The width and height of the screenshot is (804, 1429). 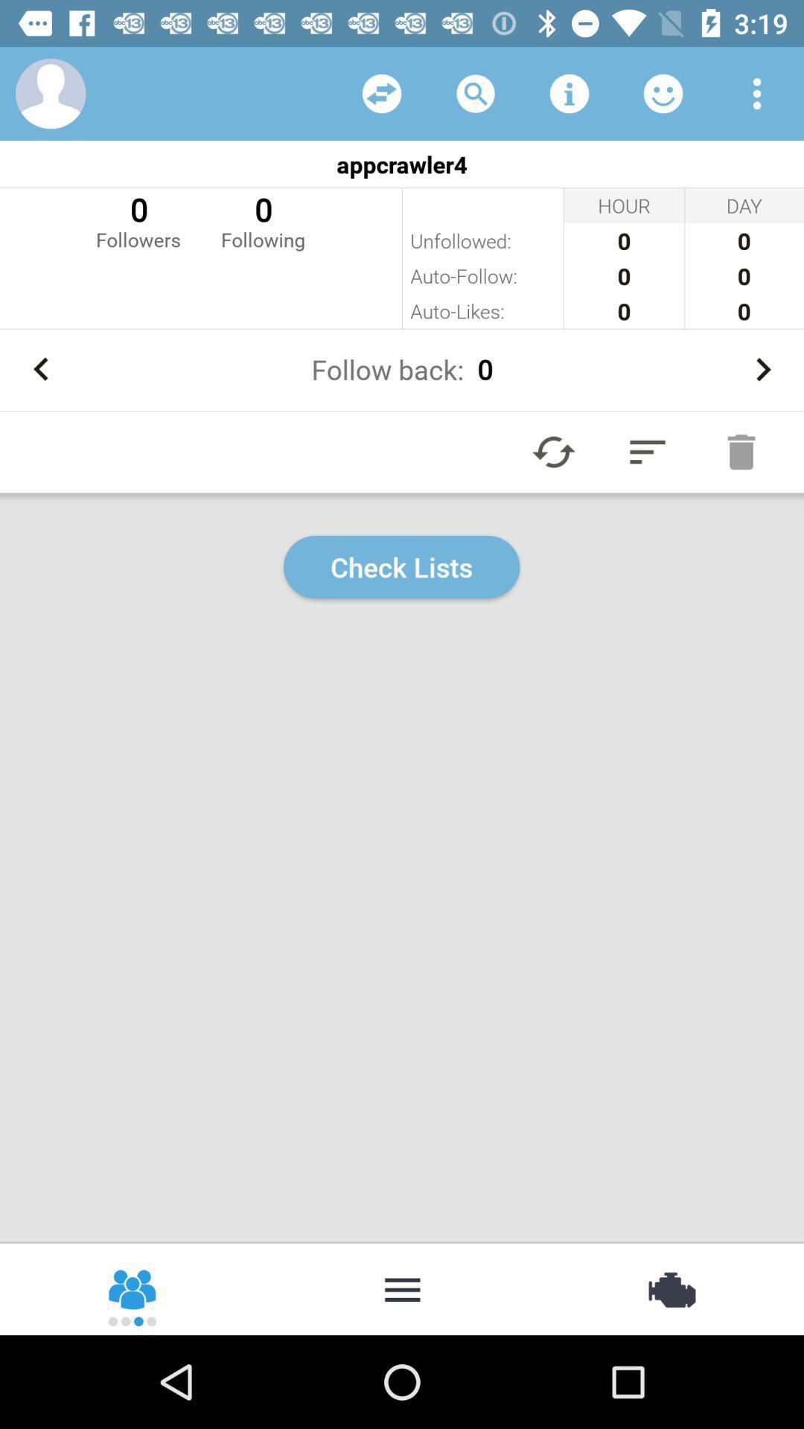 I want to click on the delete icon, so click(x=741, y=451).